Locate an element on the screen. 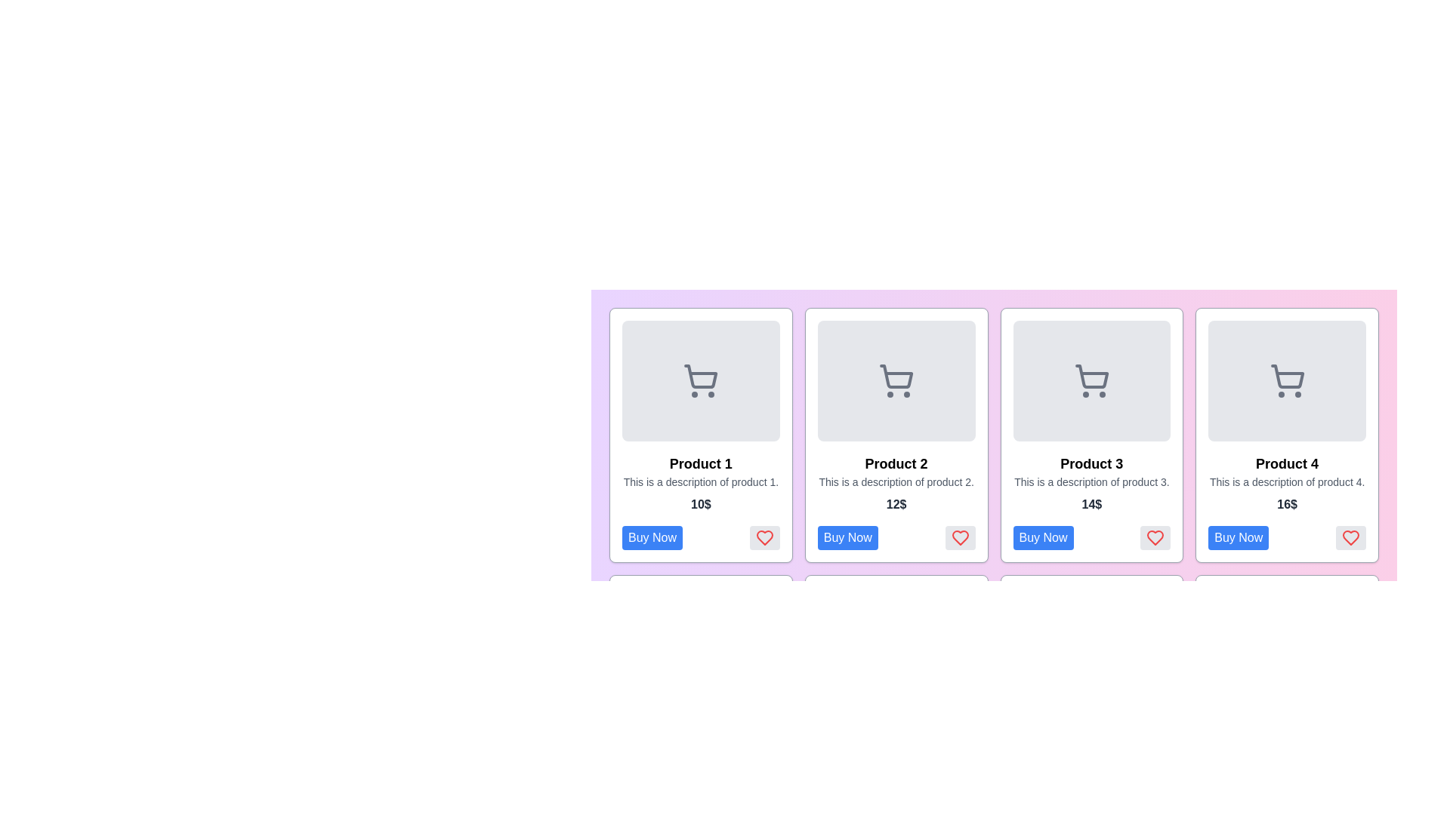  the heart icon located at the bottom-right of the fourth product card to mark the product as a favorite is located at coordinates (1351, 537).